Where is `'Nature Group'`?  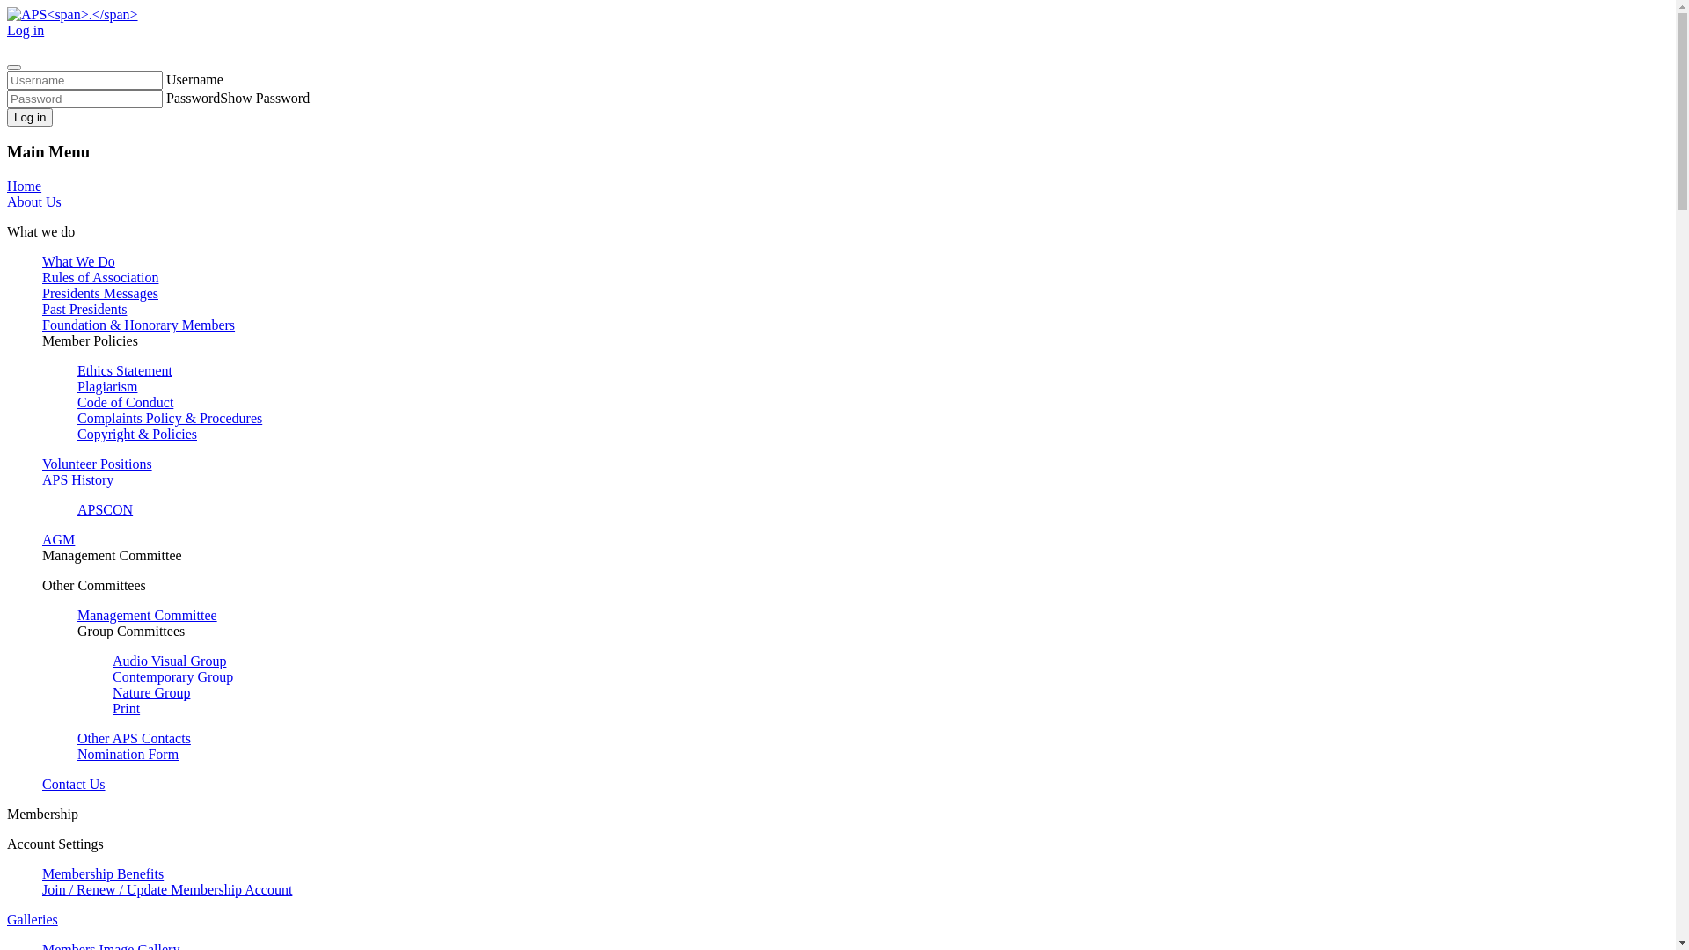 'Nature Group' is located at coordinates (112, 691).